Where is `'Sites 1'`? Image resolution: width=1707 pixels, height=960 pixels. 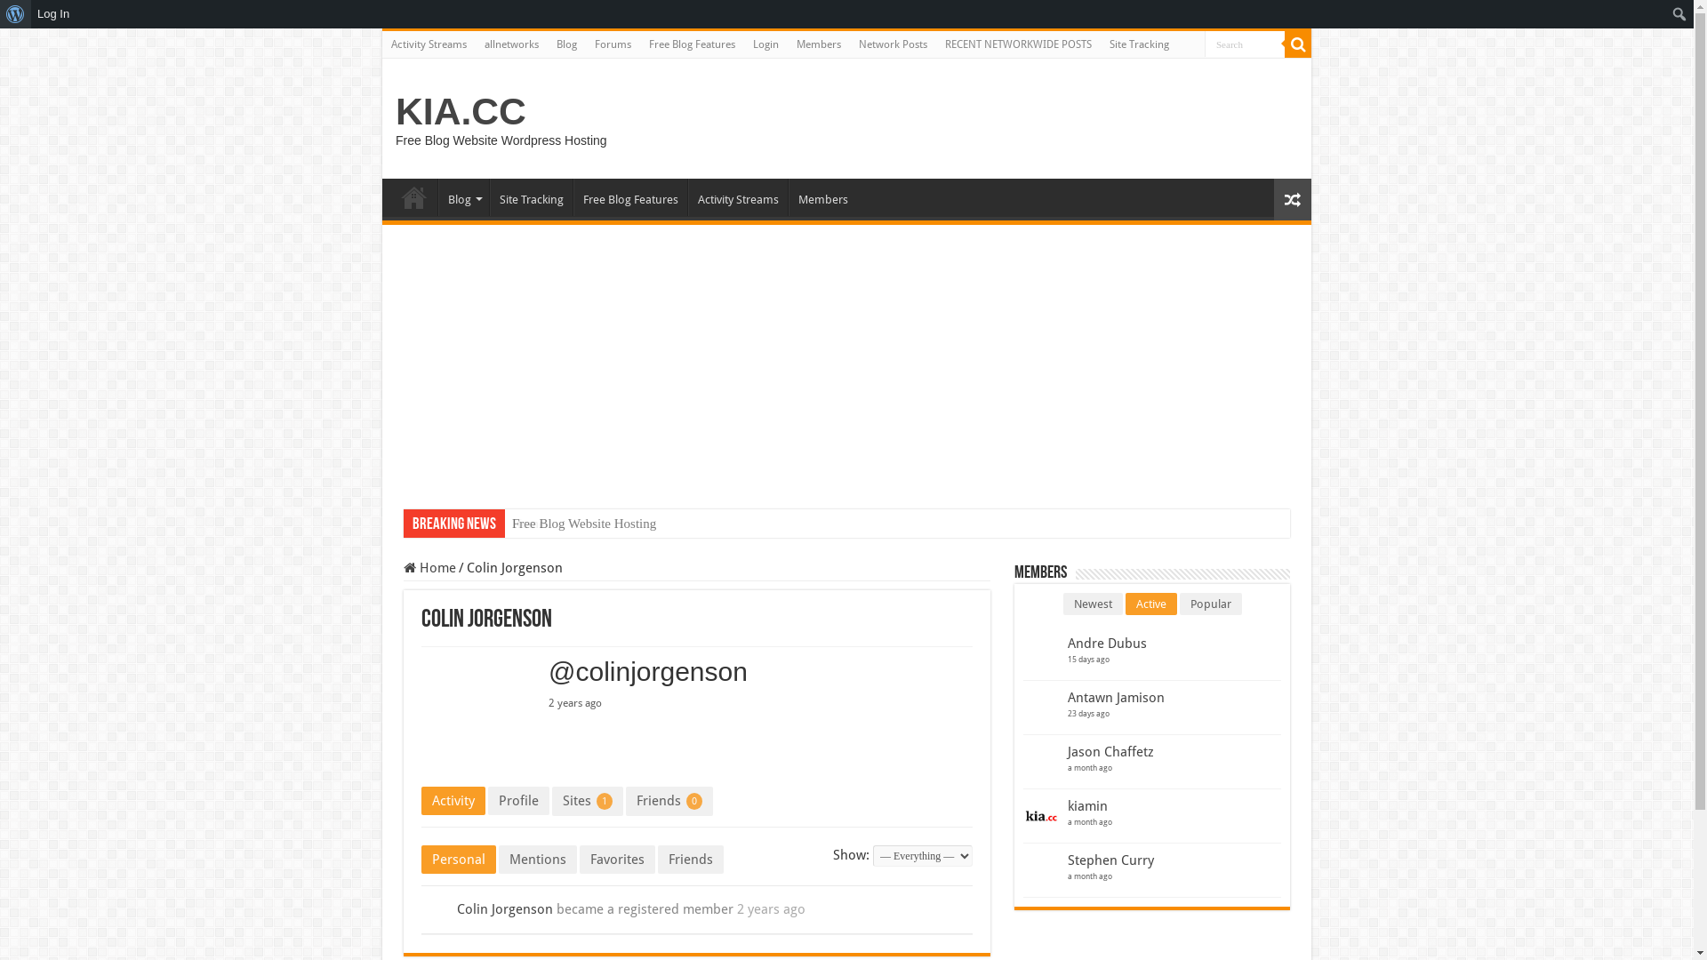
'Sites 1' is located at coordinates (588, 801).